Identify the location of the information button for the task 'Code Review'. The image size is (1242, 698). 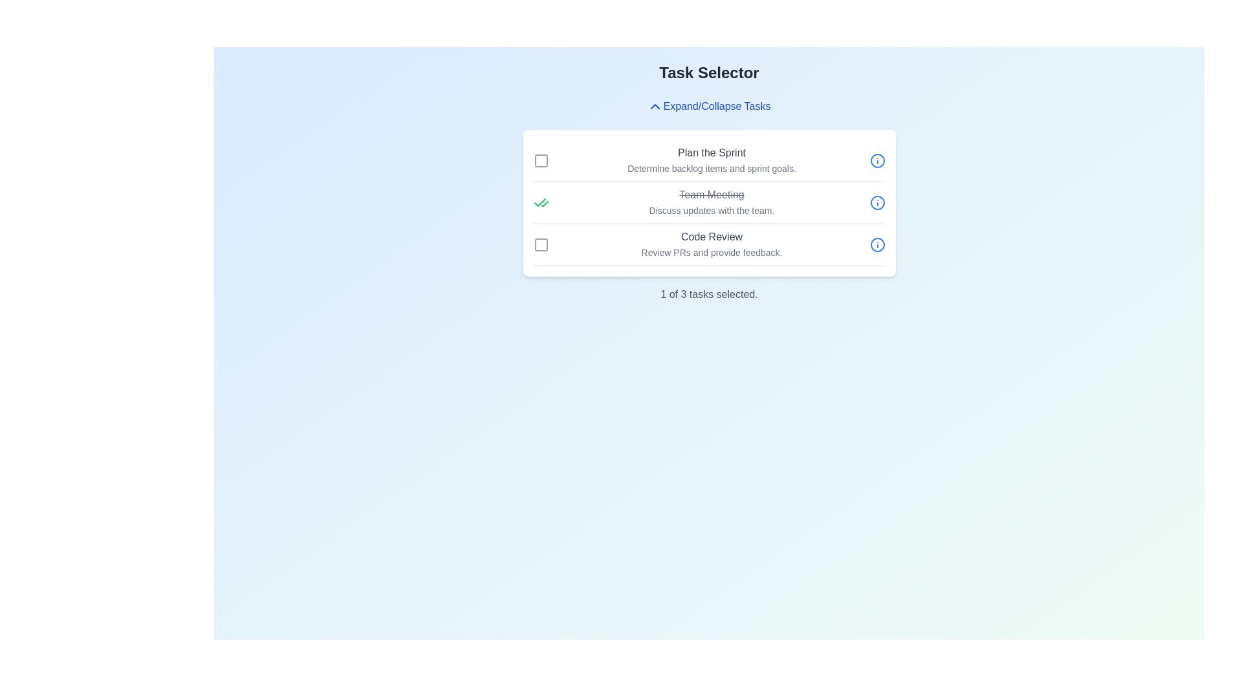
(877, 244).